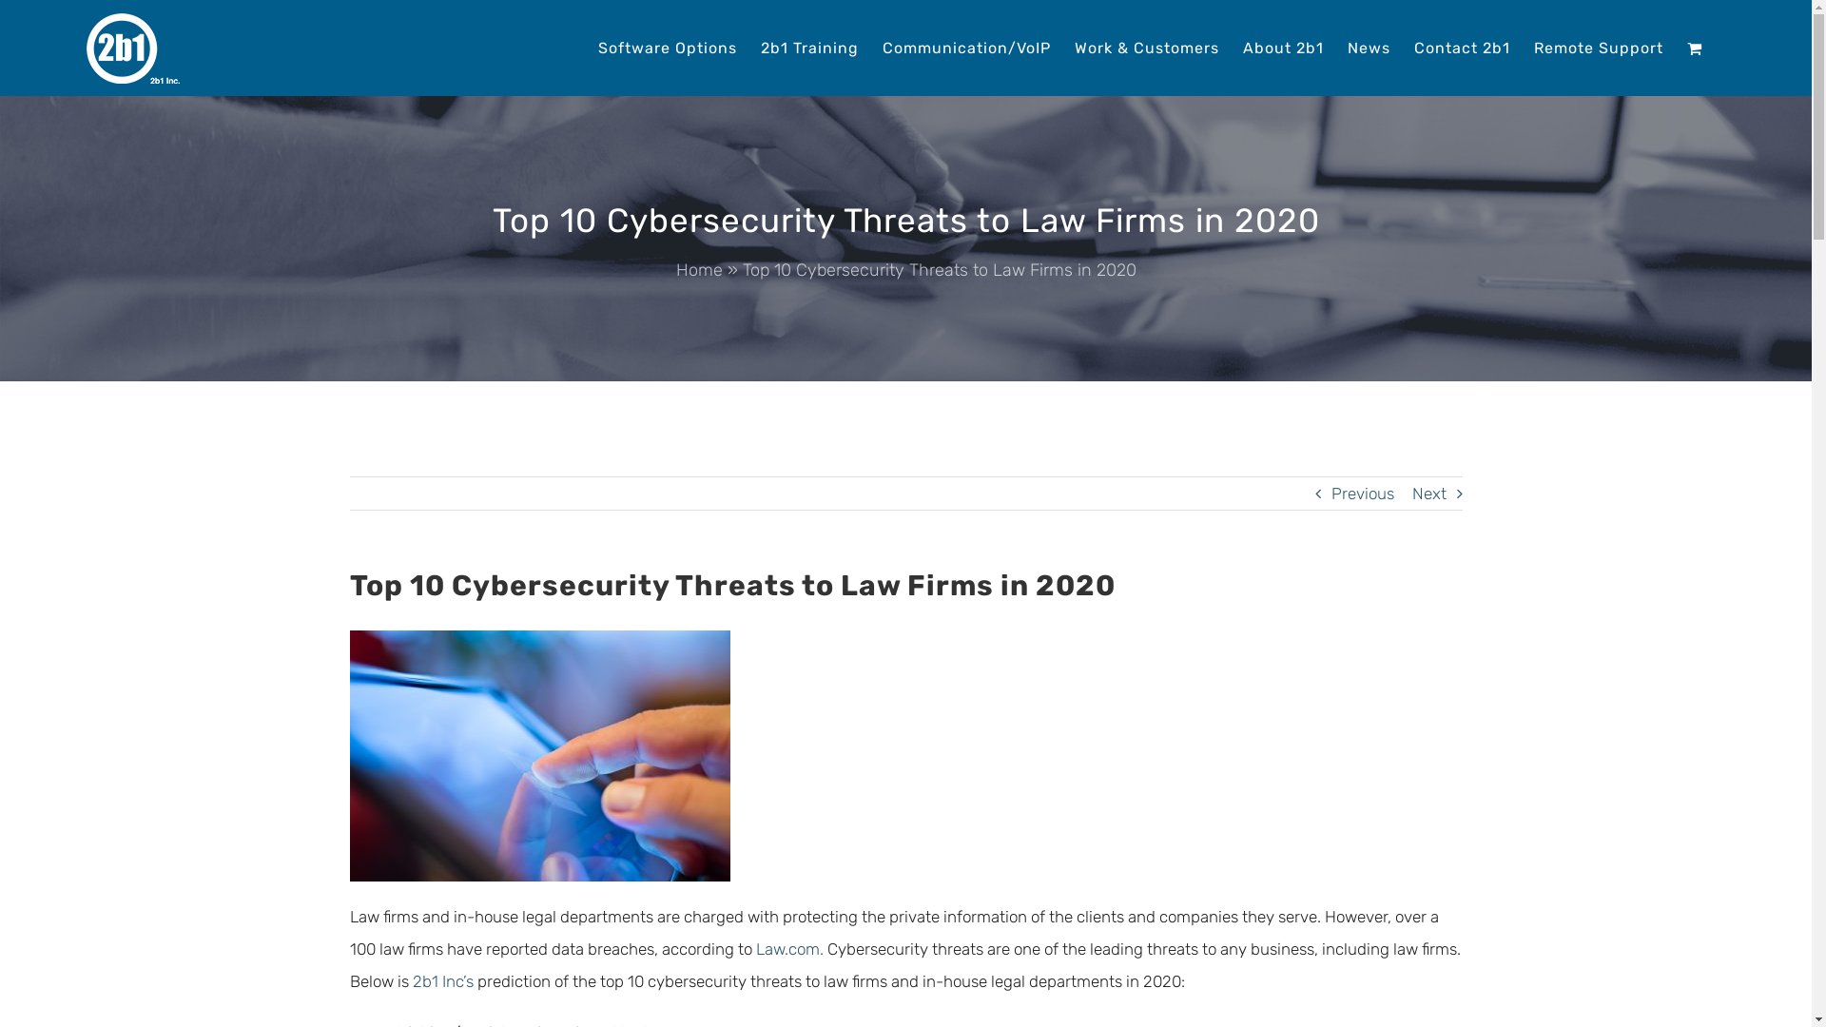 Image resolution: width=1826 pixels, height=1027 pixels. Describe the element at coordinates (1242, 46) in the screenshot. I see `'About 2b1'` at that location.